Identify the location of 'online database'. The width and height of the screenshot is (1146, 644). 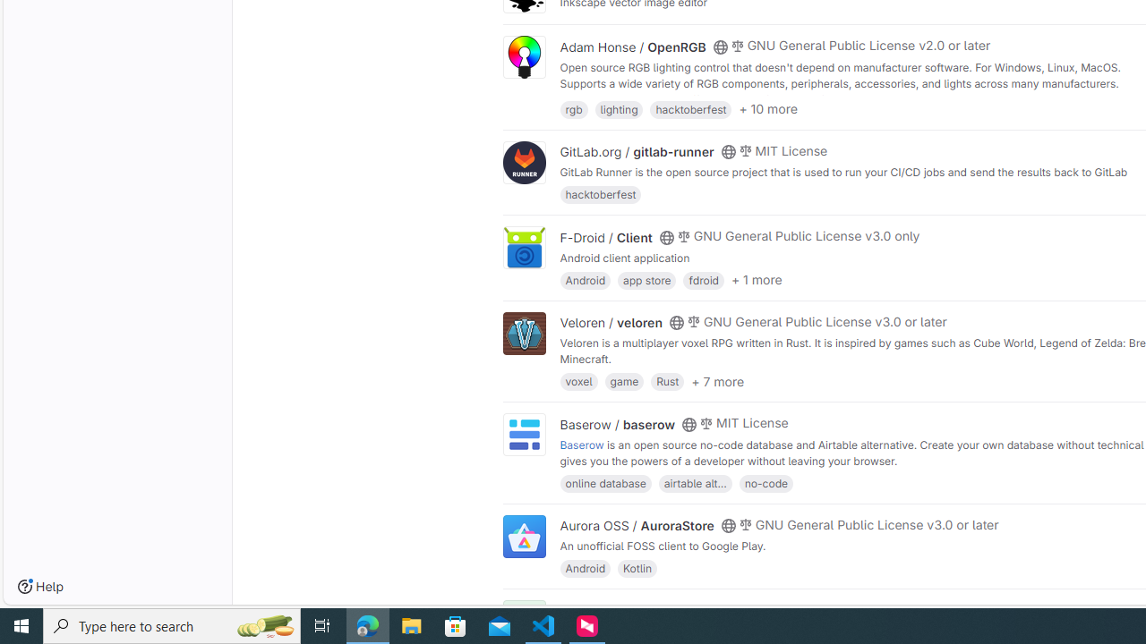
(605, 481).